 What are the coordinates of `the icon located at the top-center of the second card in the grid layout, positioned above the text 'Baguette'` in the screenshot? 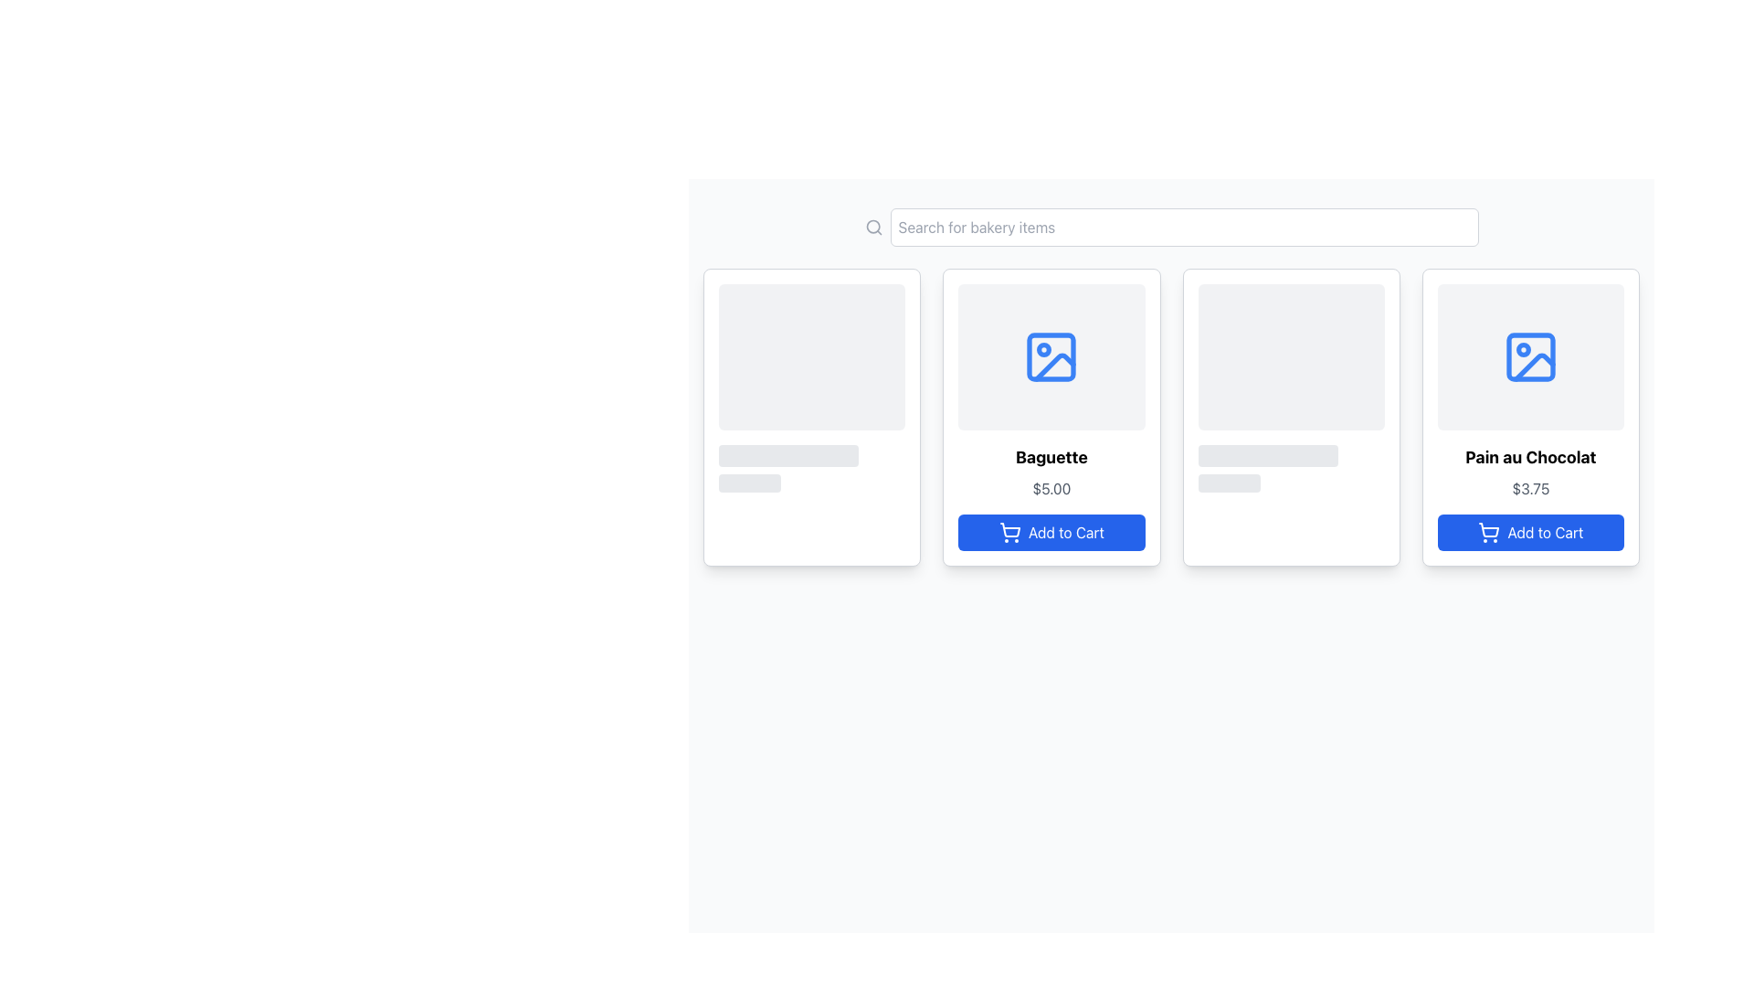 It's located at (1051, 356).